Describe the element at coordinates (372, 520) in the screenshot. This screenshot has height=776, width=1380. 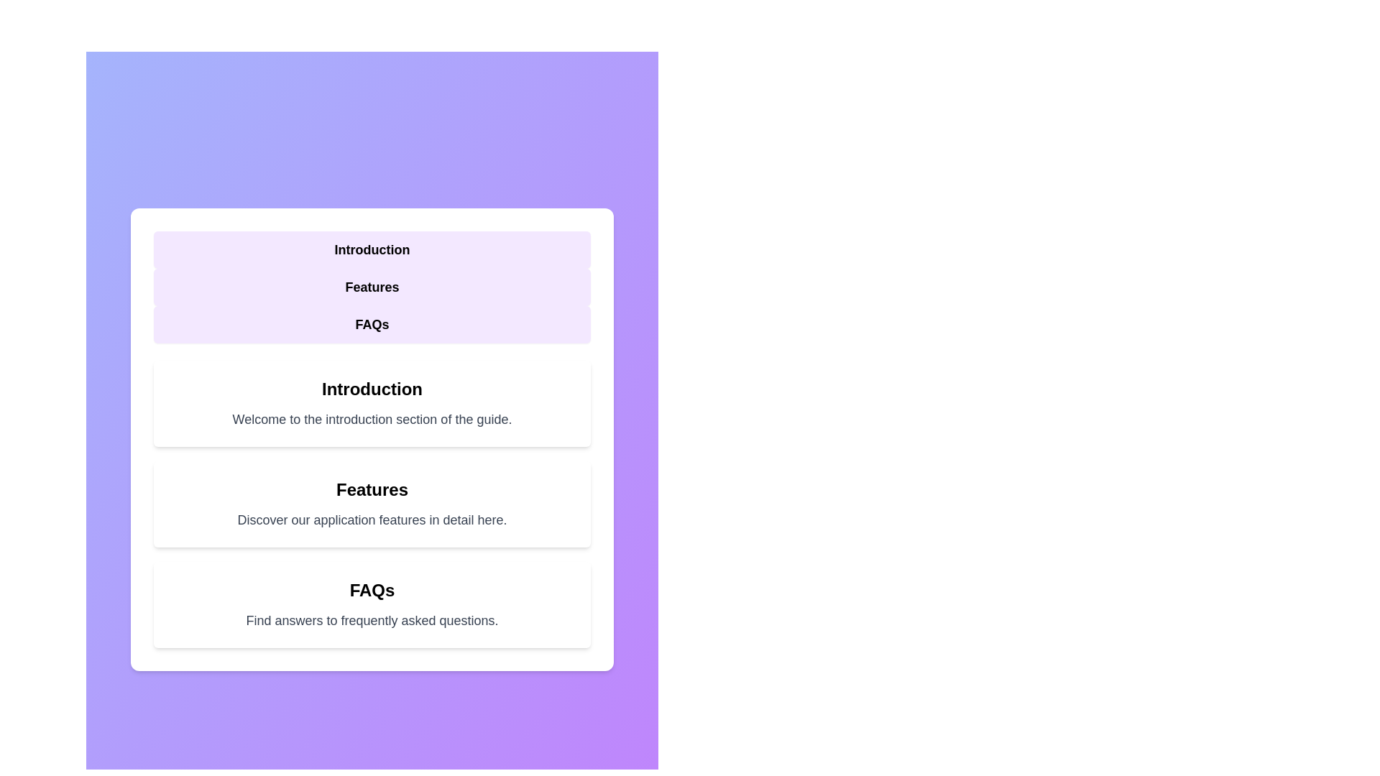
I see `the text element reading 'Discover our application features in detail here.' which is styled with a larger font size and gray color, located beneath the heading 'Features'` at that location.